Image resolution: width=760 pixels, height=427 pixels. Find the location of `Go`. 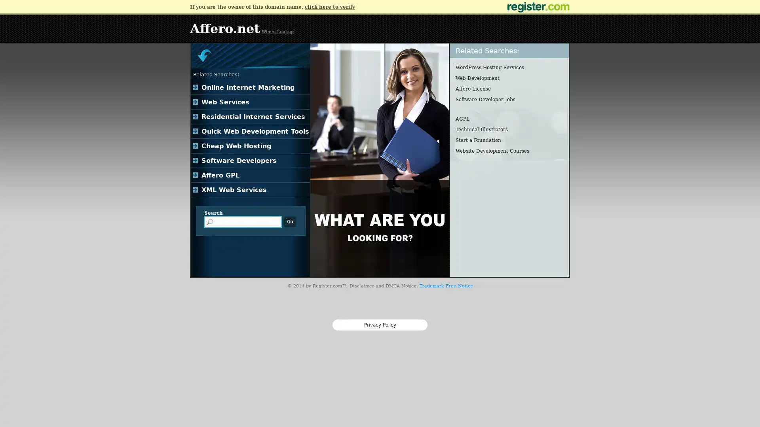

Go is located at coordinates (290, 221).